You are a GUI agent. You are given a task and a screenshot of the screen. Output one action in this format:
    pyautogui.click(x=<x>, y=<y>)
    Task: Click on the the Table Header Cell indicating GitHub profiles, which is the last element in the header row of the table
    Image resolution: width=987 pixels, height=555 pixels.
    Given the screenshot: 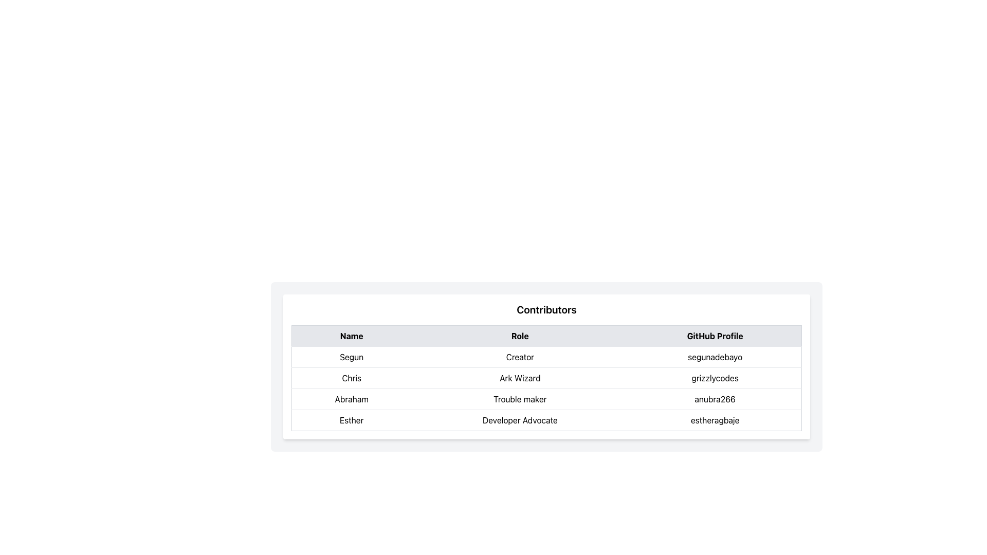 What is the action you would take?
    pyautogui.click(x=715, y=336)
    